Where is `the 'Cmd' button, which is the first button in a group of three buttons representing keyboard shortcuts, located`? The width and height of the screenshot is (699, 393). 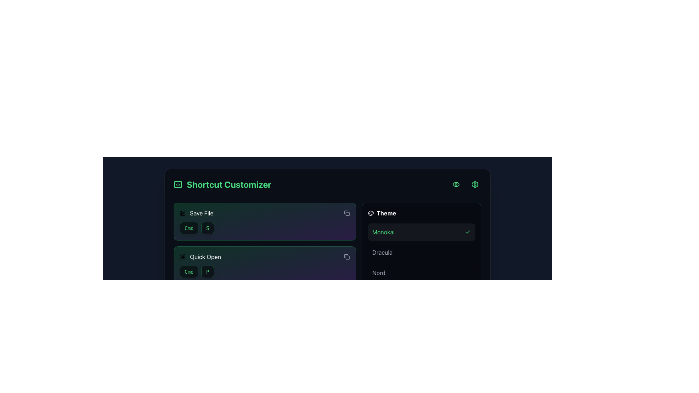
the 'Cmd' button, which is the first button in a group of three buttons representing keyboard shortcuts, located is located at coordinates (189, 315).